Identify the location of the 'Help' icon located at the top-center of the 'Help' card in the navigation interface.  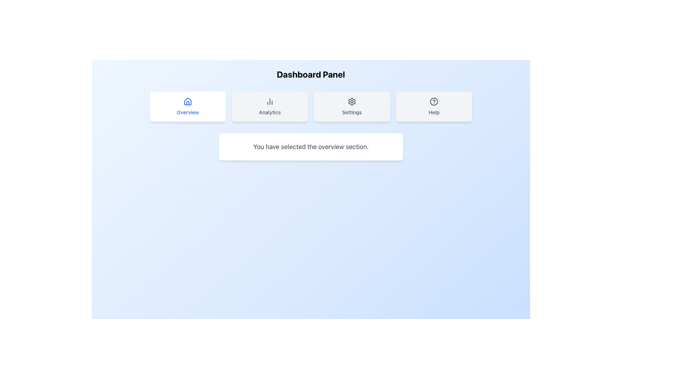
(433, 101).